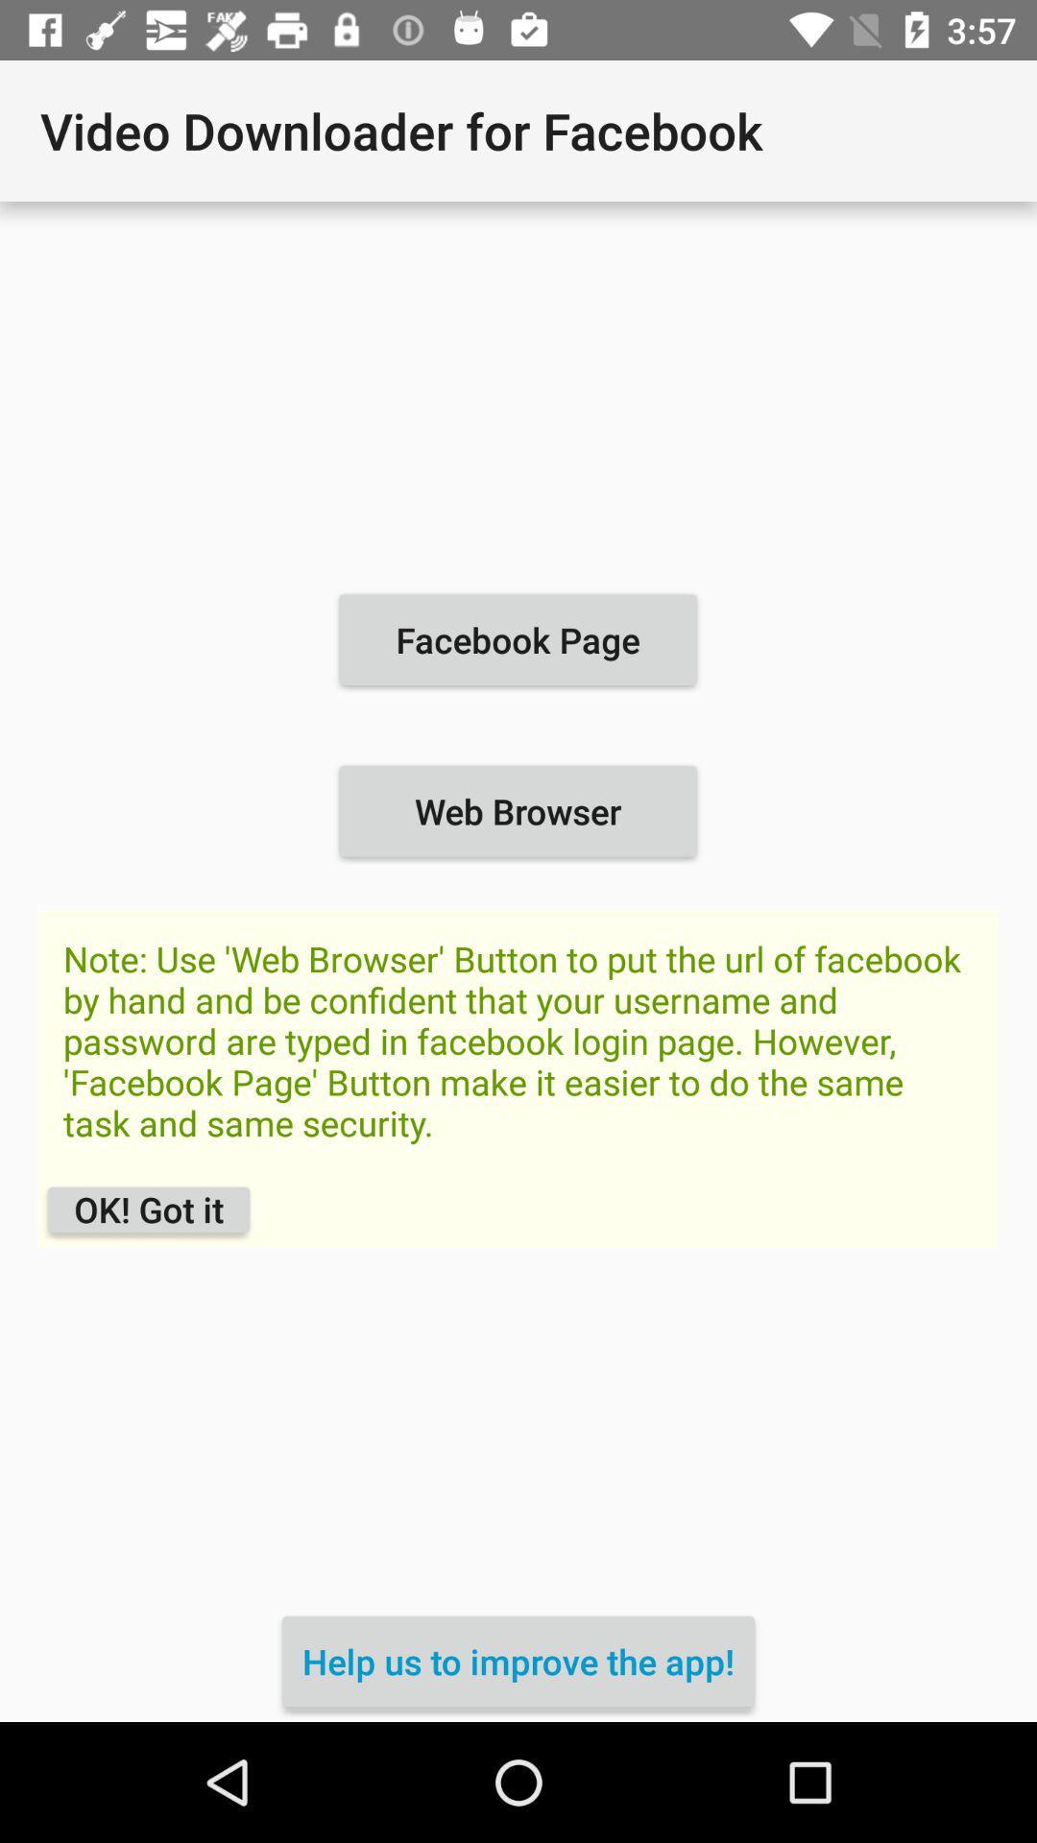 This screenshot has width=1037, height=1843. What do you see at coordinates (518, 1661) in the screenshot?
I see `the help us to item` at bounding box center [518, 1661].